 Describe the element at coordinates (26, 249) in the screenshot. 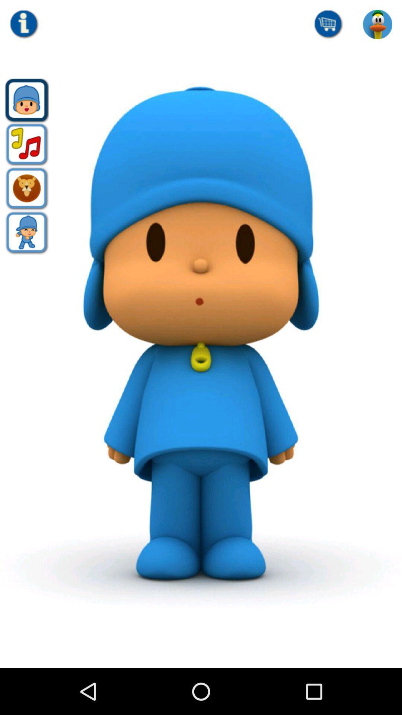

I see `the avatar icon` at that location.